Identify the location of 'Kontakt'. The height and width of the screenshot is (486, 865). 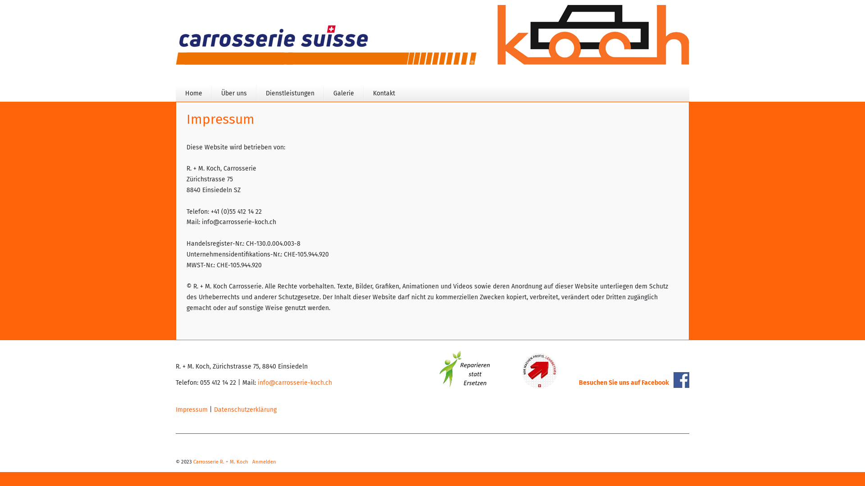
(384, 94).